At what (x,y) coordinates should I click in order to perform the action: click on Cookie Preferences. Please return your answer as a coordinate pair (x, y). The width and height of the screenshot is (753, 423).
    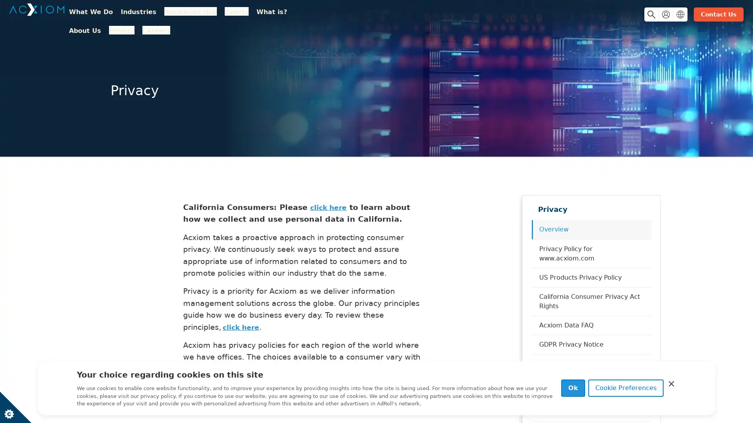
    Looking at the image, I should click on (626, 388).